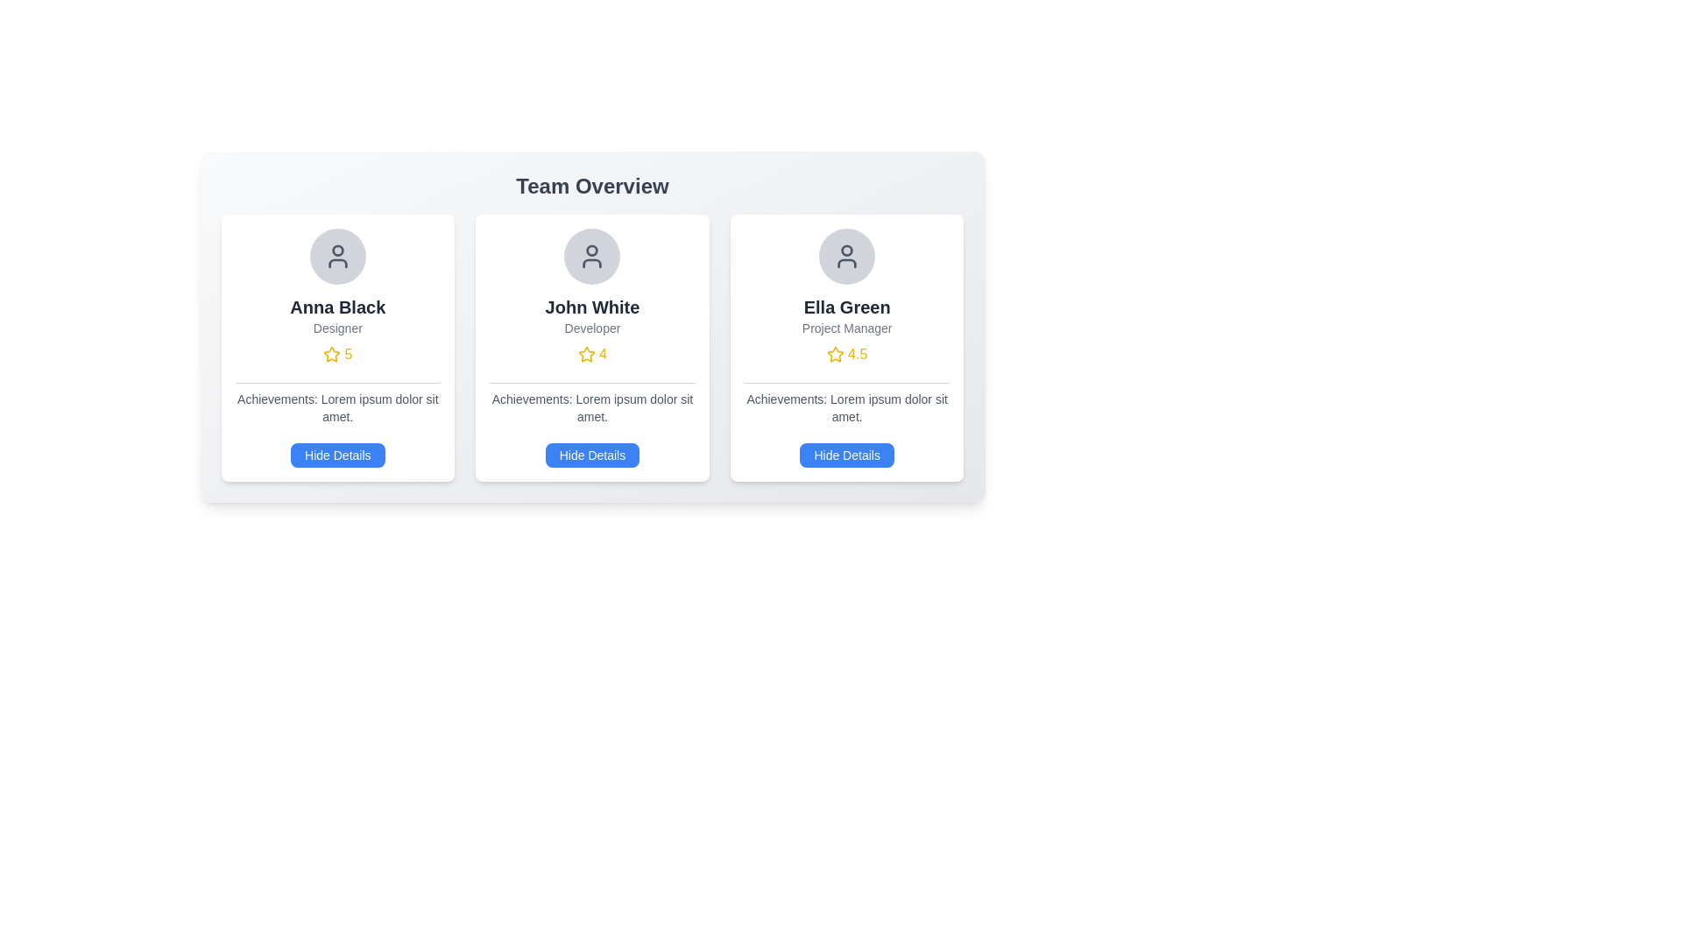 The image size is (1682, 946). I want to click on the Rating Indicator, which features a yellow star icon and the number '4', located in the 'John White' profile card below the role title 'Developer', so click(592, 355).